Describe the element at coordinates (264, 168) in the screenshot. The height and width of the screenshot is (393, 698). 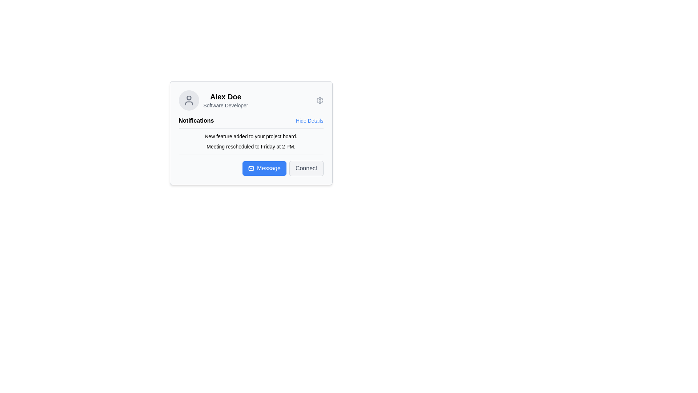
I see `the 'Message' button with a blue background and white text, located within the toolbar at the bottom of a card interface` at that location.